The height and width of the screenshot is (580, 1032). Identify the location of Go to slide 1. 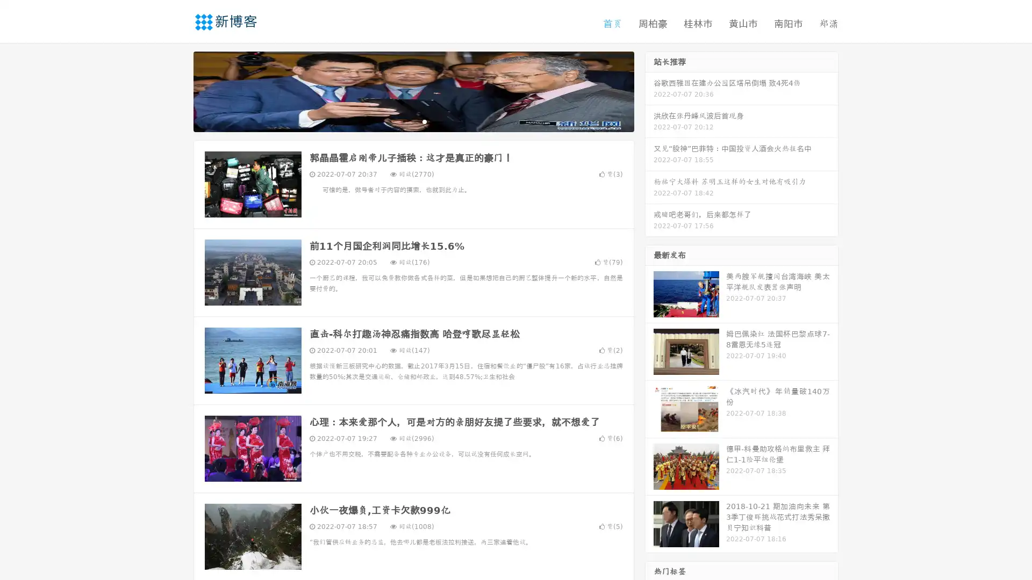
(402, 121).